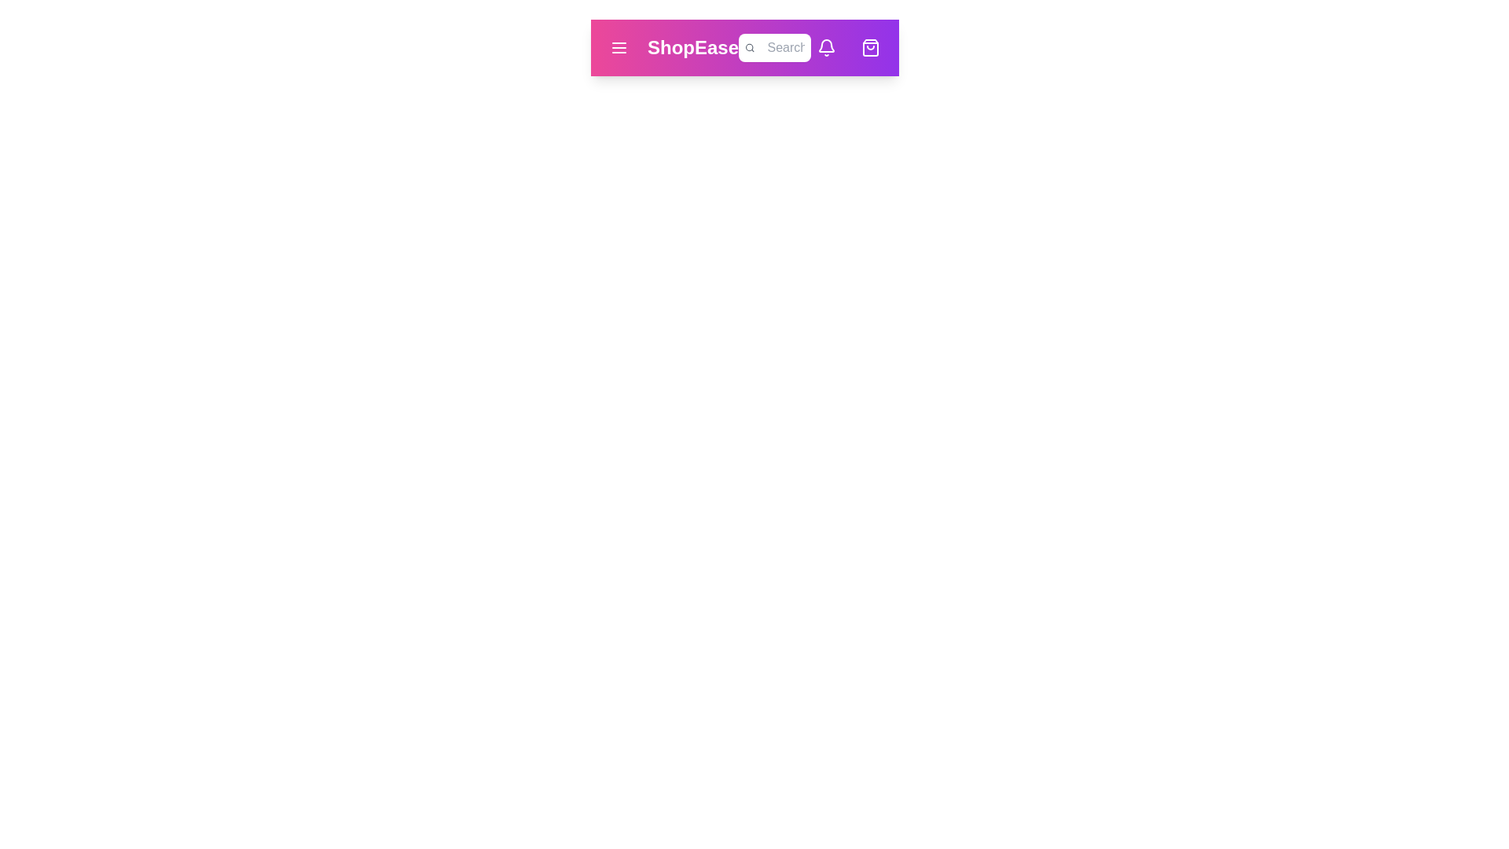 This screenshot has height=849, width=1509. Describe the element at coordinates (870, 47) in the screenshot. I see `the shopping bag icon to view the shopping cart or checkout page` at that location.